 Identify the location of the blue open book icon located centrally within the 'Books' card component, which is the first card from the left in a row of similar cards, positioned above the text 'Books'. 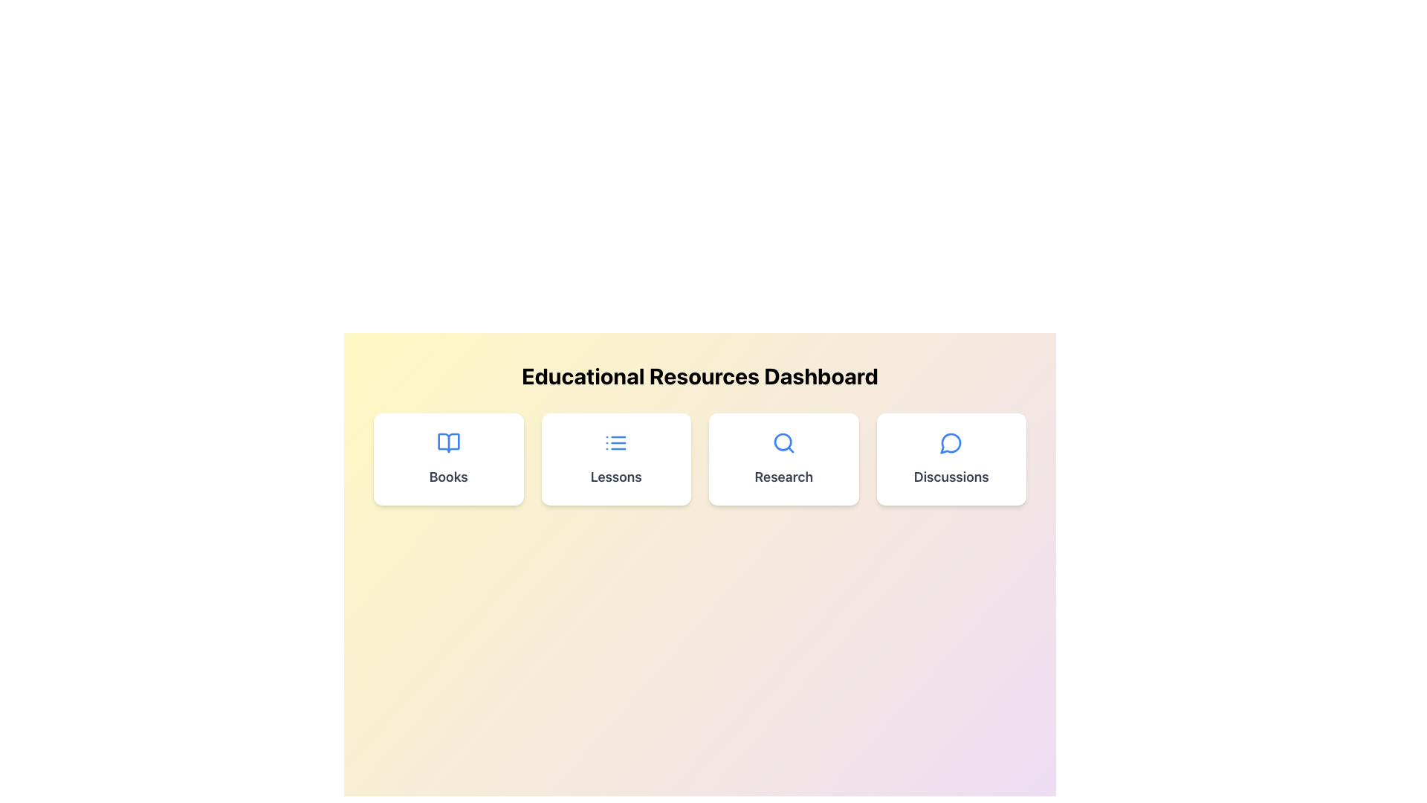
(447, 442).